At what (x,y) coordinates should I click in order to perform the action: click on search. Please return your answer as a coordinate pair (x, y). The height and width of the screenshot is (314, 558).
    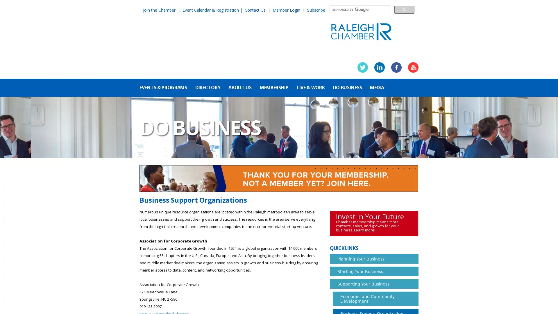
    Looking at the image, I should click on (404, 9).